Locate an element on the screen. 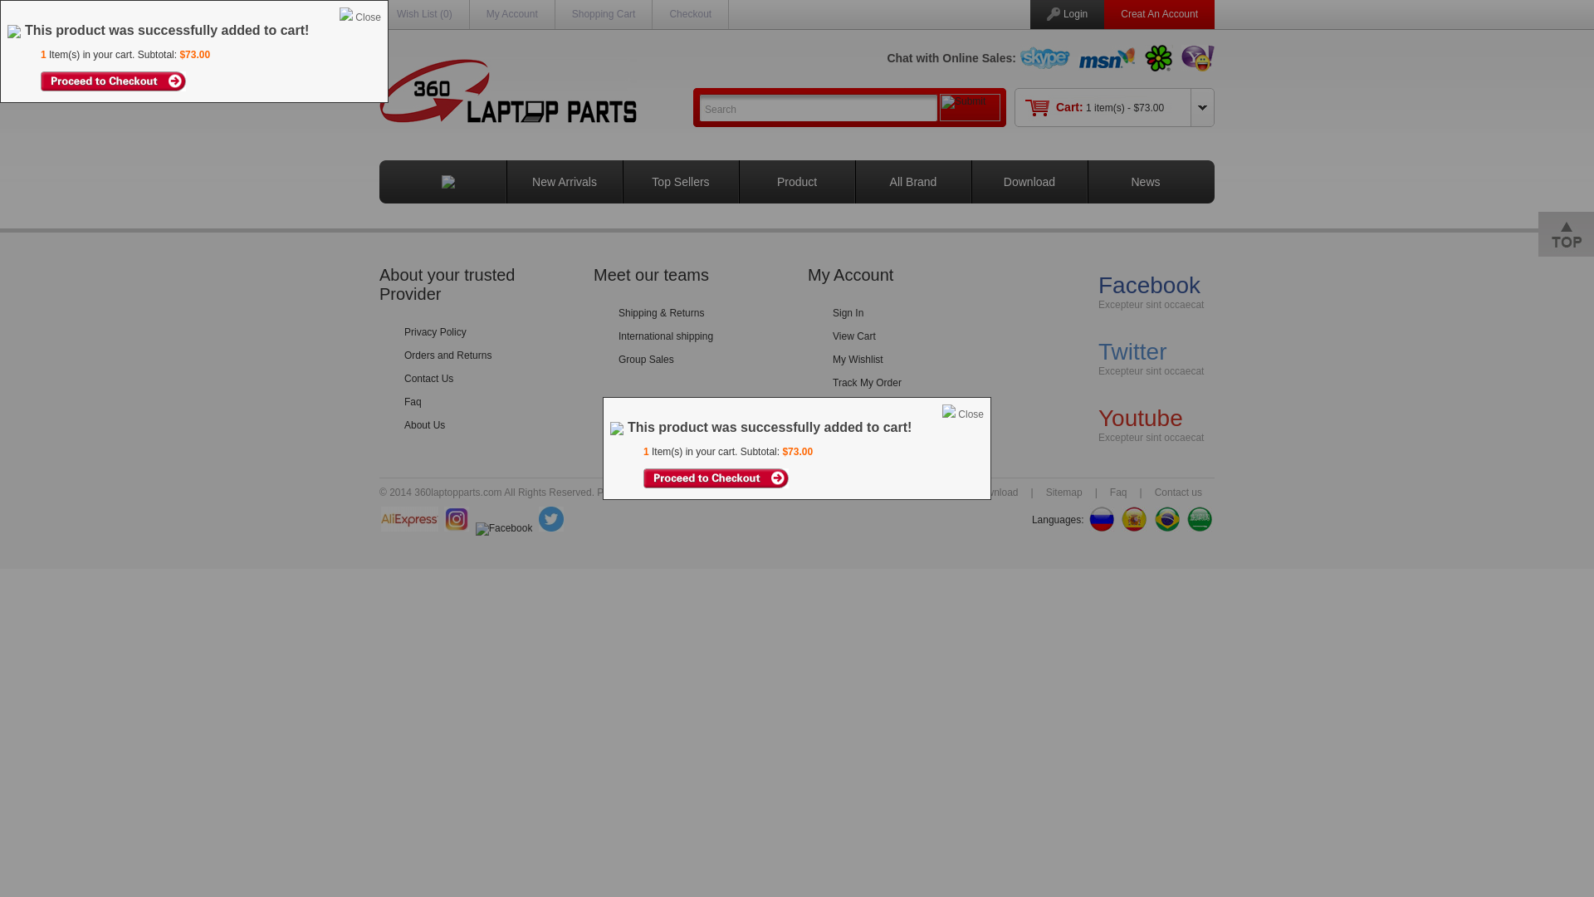 This screenshot has height=897, width=1594. 'Contact Us' is located at coordinates (428, 378).